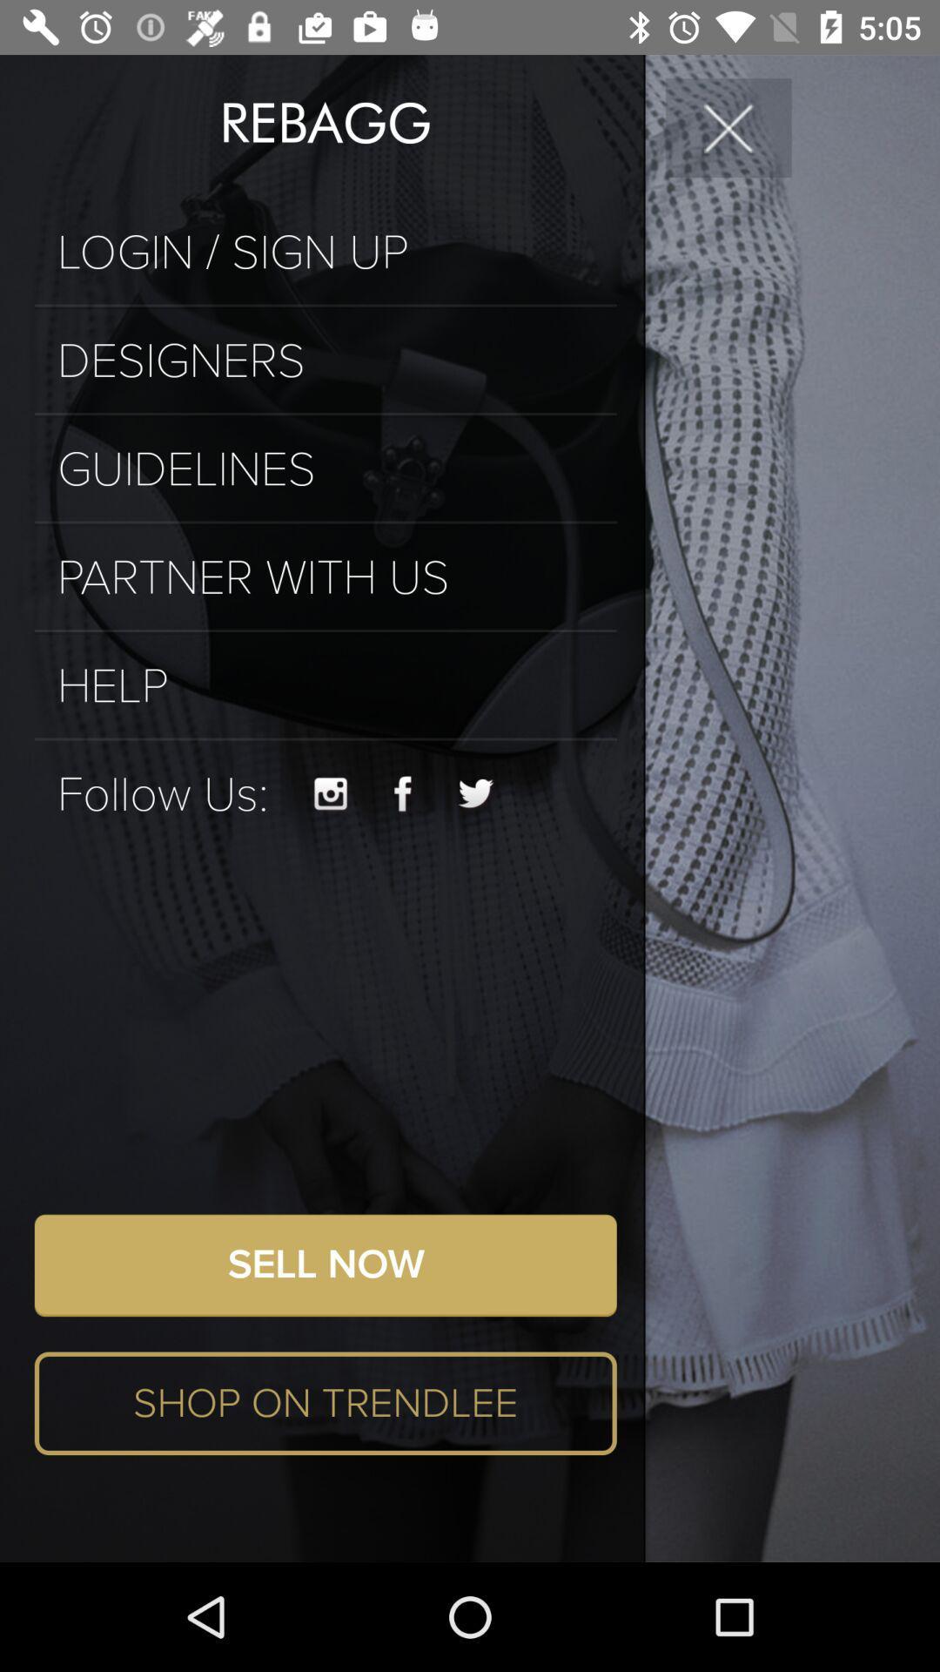 The width and height of the screenshot is (940, 1672). Describe the element at coordinates (728, 126) in the screenshot. I see `close option` at that location.